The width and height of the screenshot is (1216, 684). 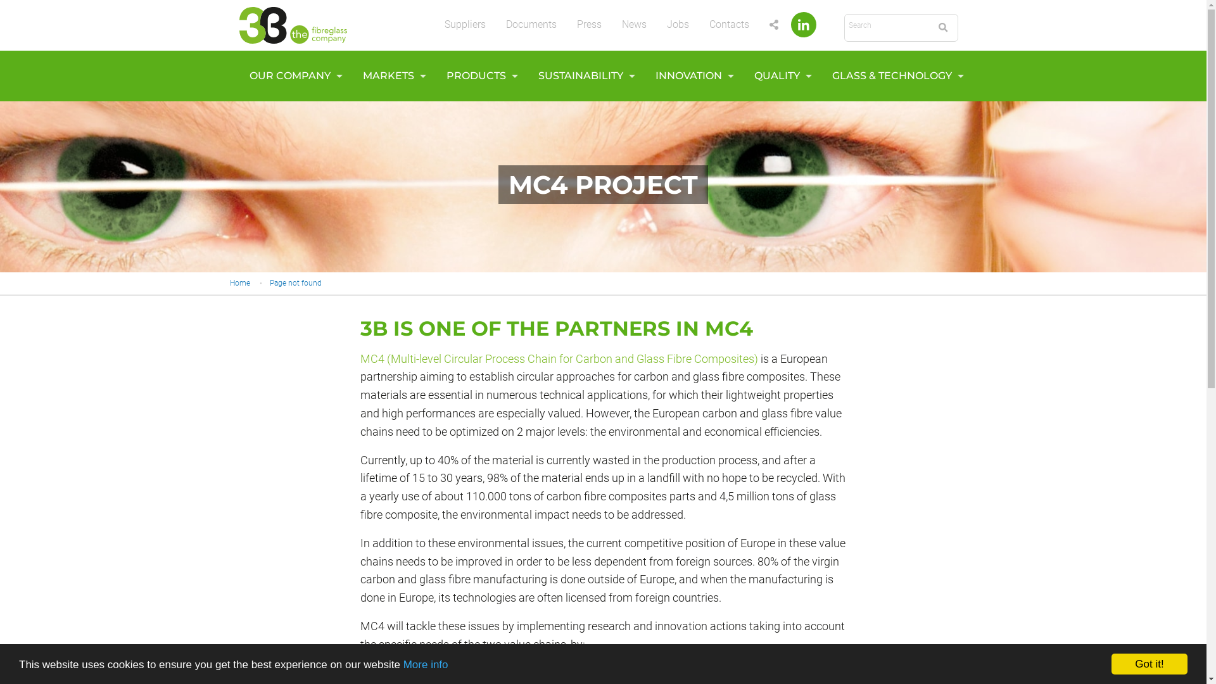 I want to click on 'GLASS & TECHNOLOGY', so click(x=821, y=75).